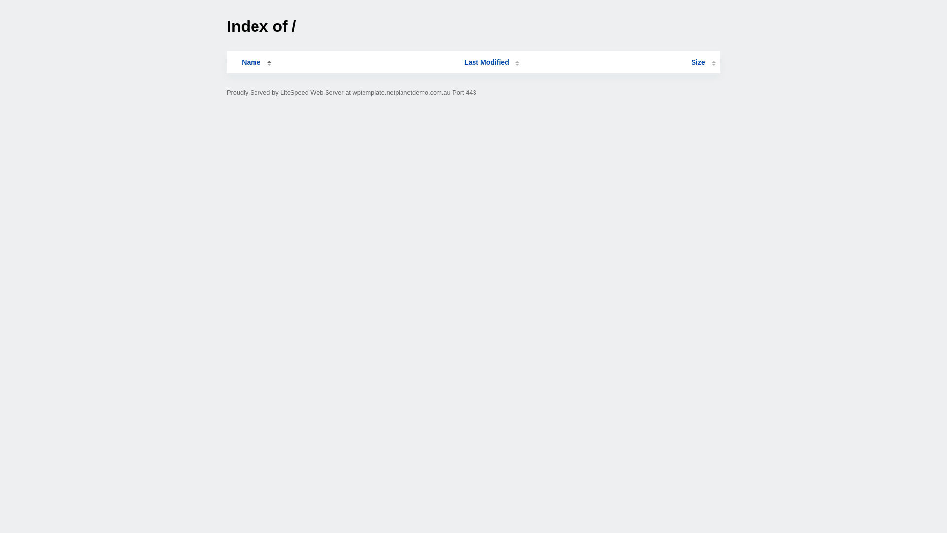 The height and width of the screenshot is (533, 947). What do you see at coordinates (251, 62) in the screenshot?
I see `'Name'` at bounding box center [251, 62].